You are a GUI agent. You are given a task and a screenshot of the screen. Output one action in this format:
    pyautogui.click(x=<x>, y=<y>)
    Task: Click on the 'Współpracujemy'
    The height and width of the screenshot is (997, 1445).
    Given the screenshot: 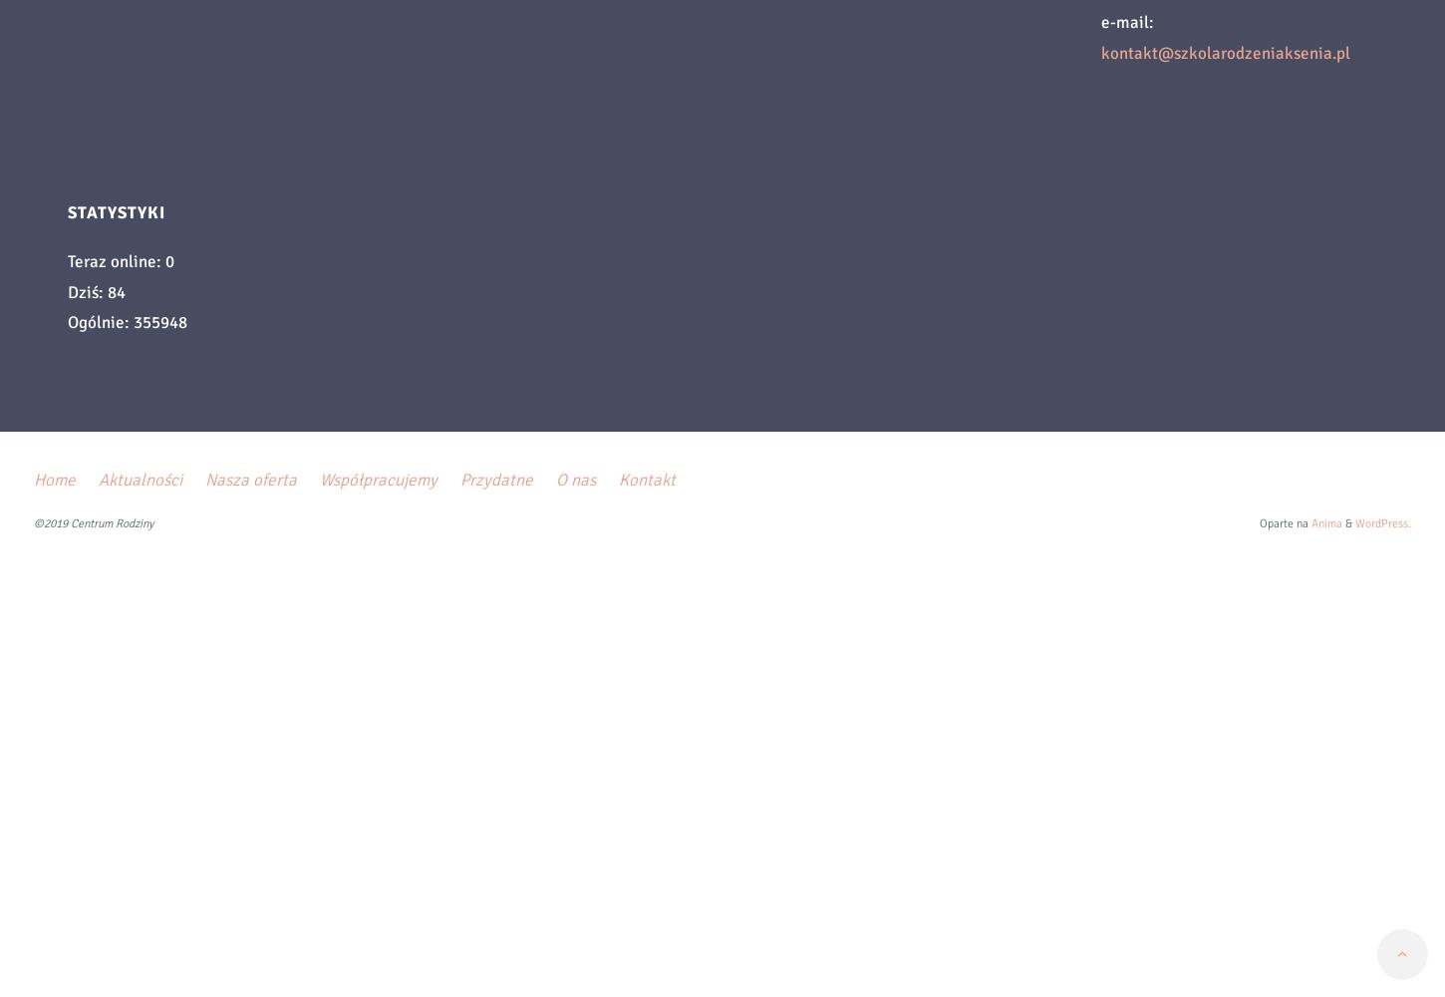 What is the action you would take?
    pyautogui.click(x=378, y=479)
    